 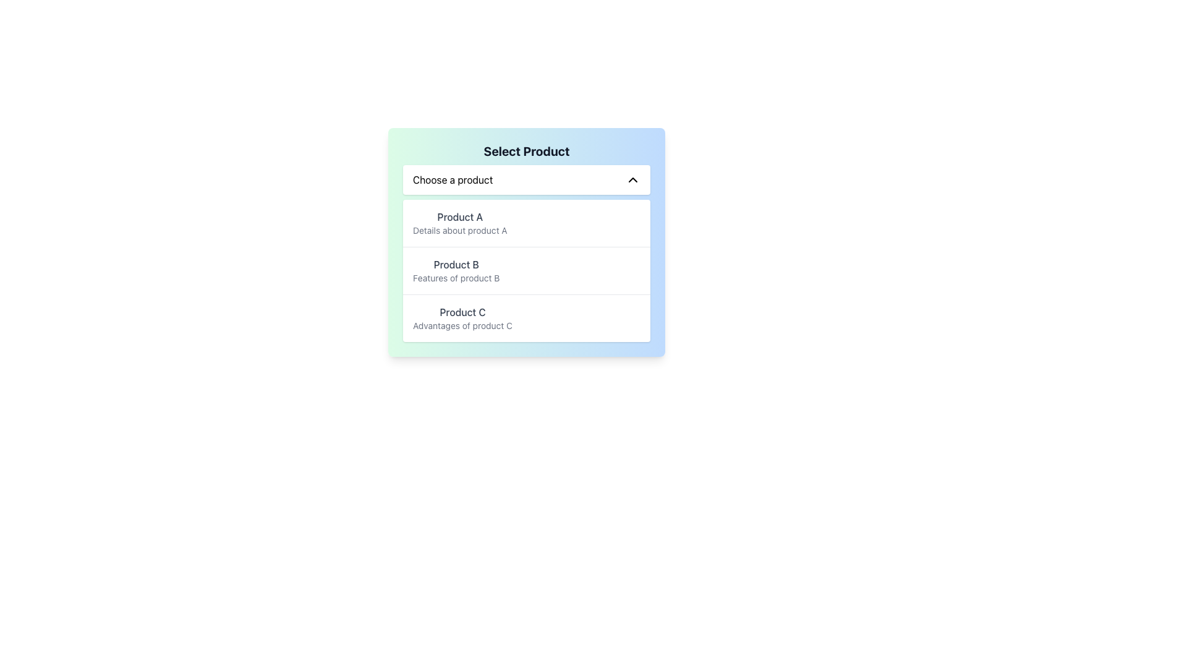 What do you see at coordinates (459, 223) in the screenshot?
I see `the first list item labeled 'Product A'` at bounding box center [459, 223].